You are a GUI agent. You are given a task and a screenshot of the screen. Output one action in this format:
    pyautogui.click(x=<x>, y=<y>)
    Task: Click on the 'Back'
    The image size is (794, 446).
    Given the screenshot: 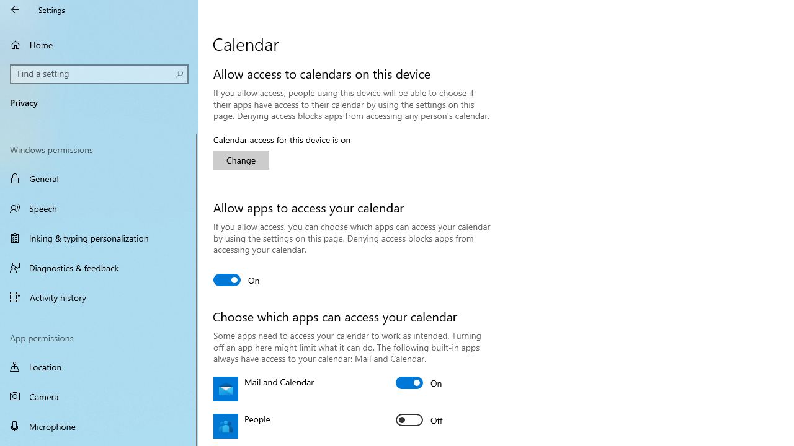 What is the action you would take?
    pyautogui.click(x=15, y=9)
    